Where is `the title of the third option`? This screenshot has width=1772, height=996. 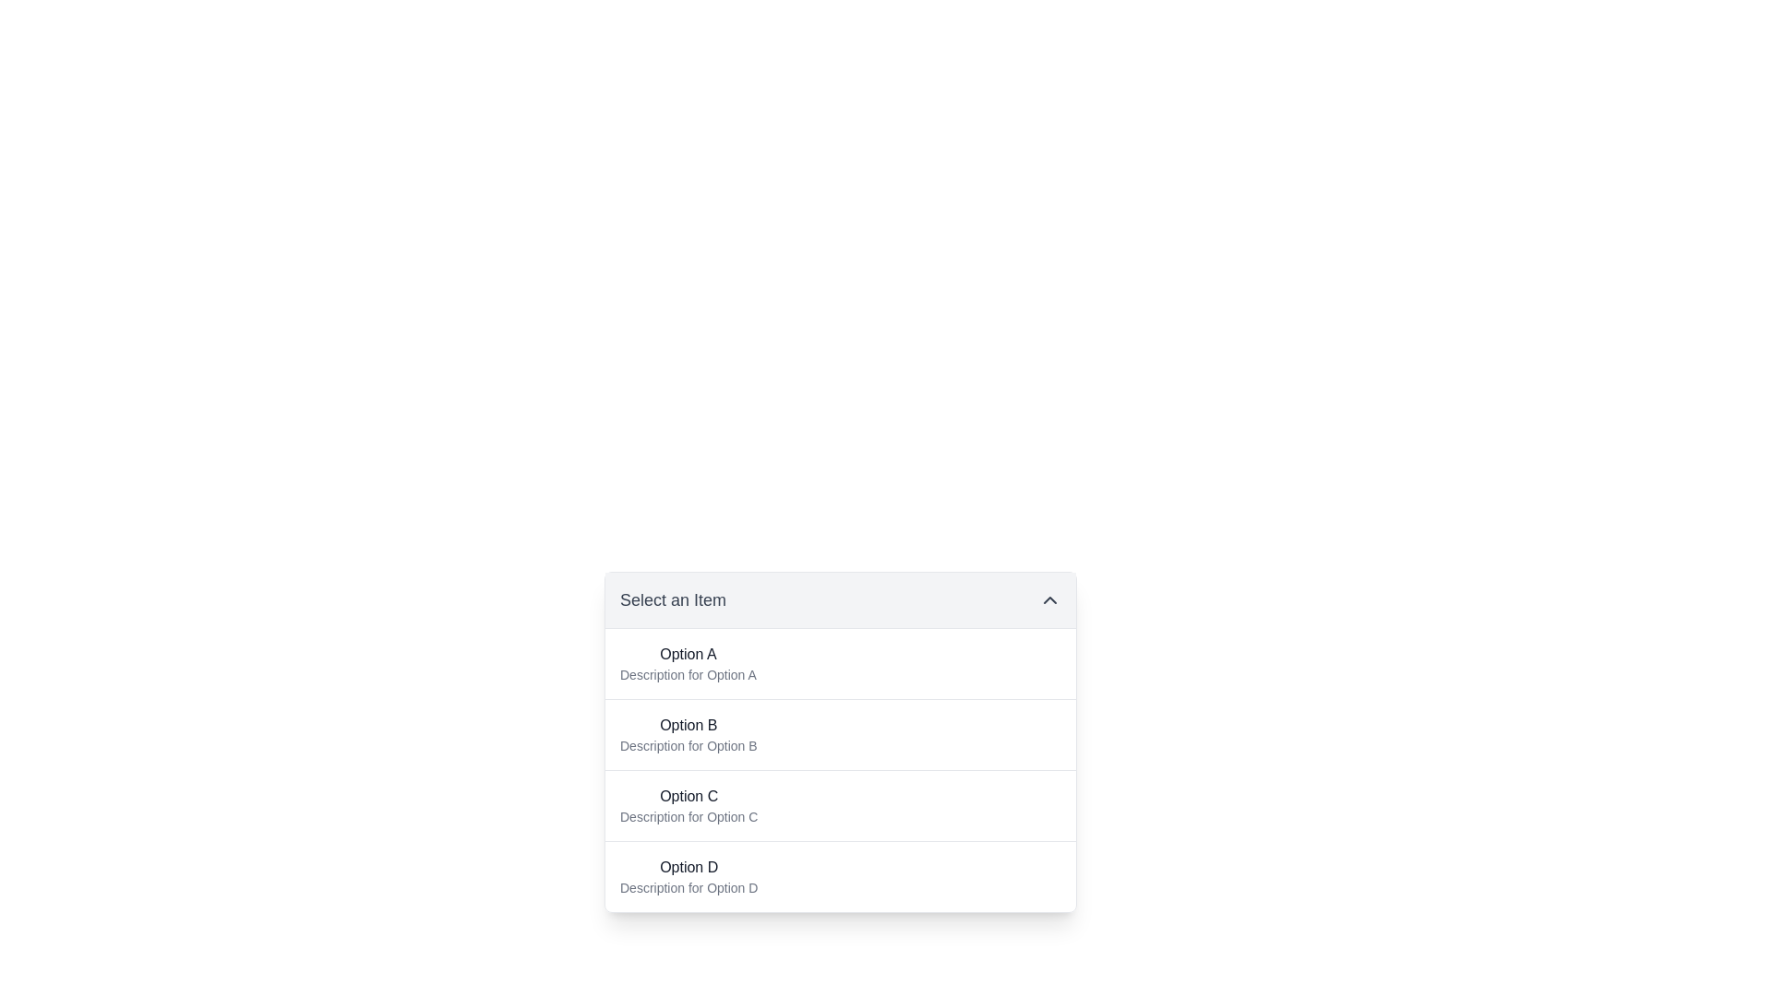 the title of the third option is located at coordinates (688, 796).